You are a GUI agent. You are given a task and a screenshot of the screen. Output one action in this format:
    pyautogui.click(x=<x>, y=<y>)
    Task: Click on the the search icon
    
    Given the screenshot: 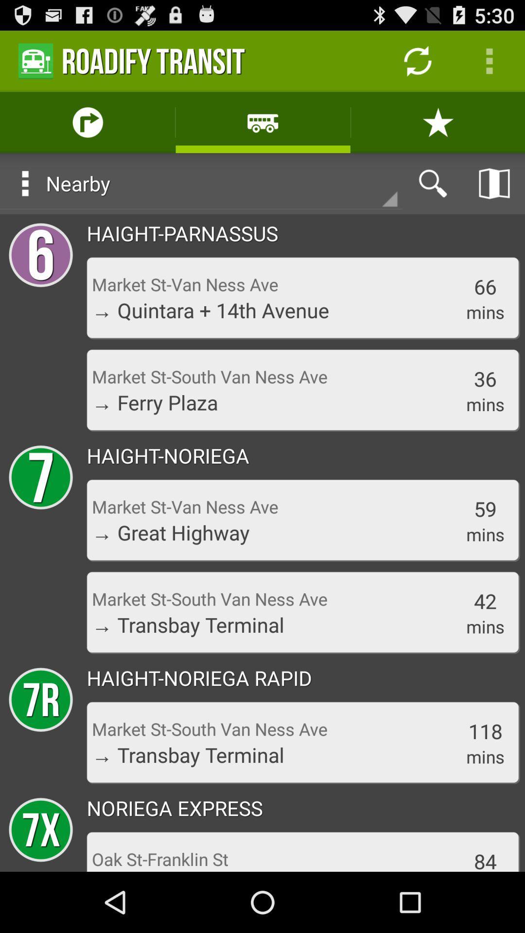 What is the action you would take?
    pyautogui.click(x=433, y=196)
    